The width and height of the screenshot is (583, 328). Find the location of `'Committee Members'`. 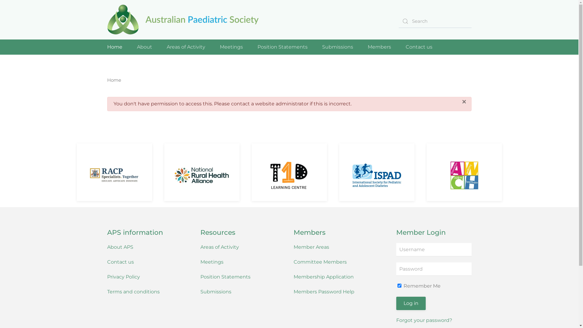

'Committee Members' is located at coordinates (320, 261).